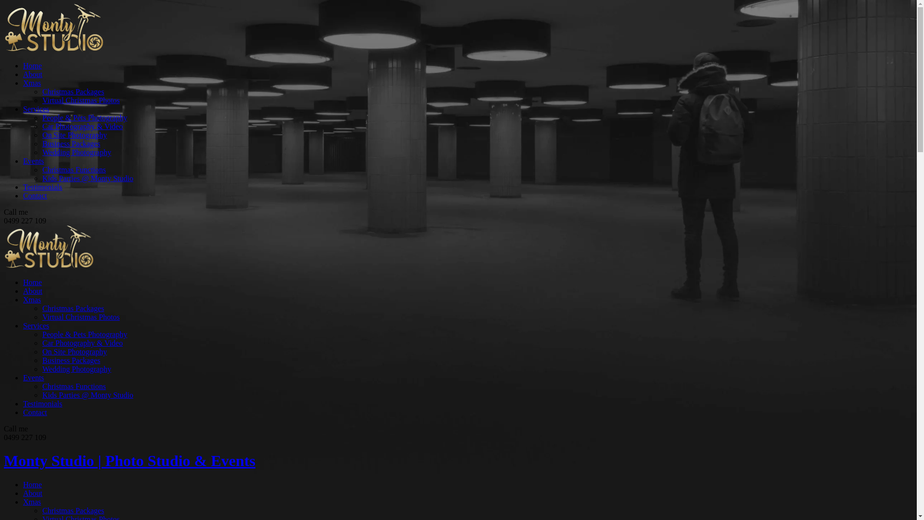 The height and width of the screenshot is (520, 924). Describe the element at coordinates (23, 187) in the screenshot. I see `'Testimonials'` at that location.